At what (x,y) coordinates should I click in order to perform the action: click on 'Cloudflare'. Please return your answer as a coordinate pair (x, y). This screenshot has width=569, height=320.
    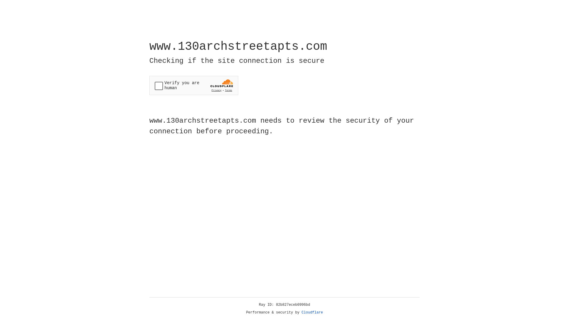
    Looking at the image, I should click on (312, 312).